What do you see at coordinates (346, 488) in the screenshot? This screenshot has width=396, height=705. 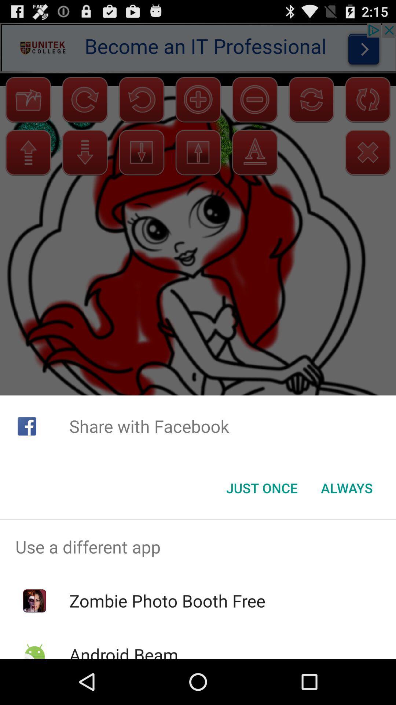 I see `always button` at bounding box center [346, 488].